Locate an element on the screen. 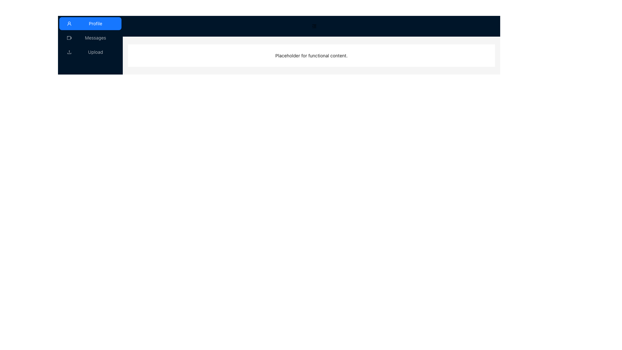 Image resolution: width=622 pixels, height=350 pixels. the upward-pointing arrow SVG icon in the sidebar menu, which is associated with the upload functionality is located at coordinates (69, 51).